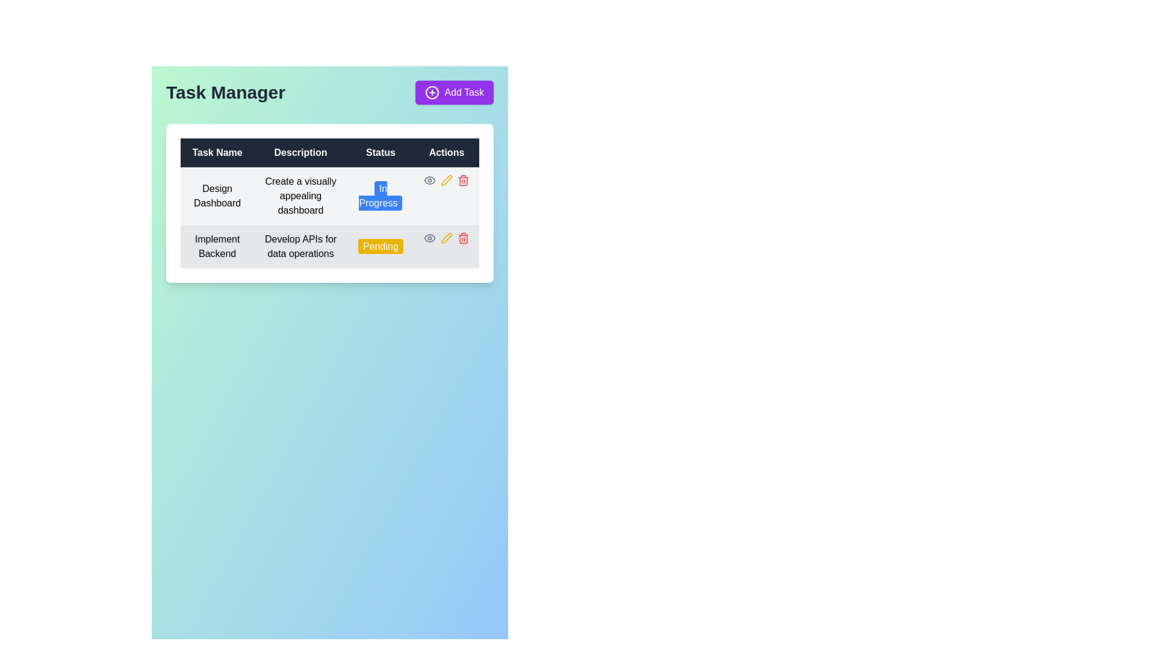 This screenshot has height=650, width=1156. Describe the element at coordinates (380, 246) in the screenshot. I see `the 'Pending' status indicator badge located in the 'Status' column of the 'Implement Backend' row in the task management table, positioned between the 'Description' and 'Actions' columns` at that location.